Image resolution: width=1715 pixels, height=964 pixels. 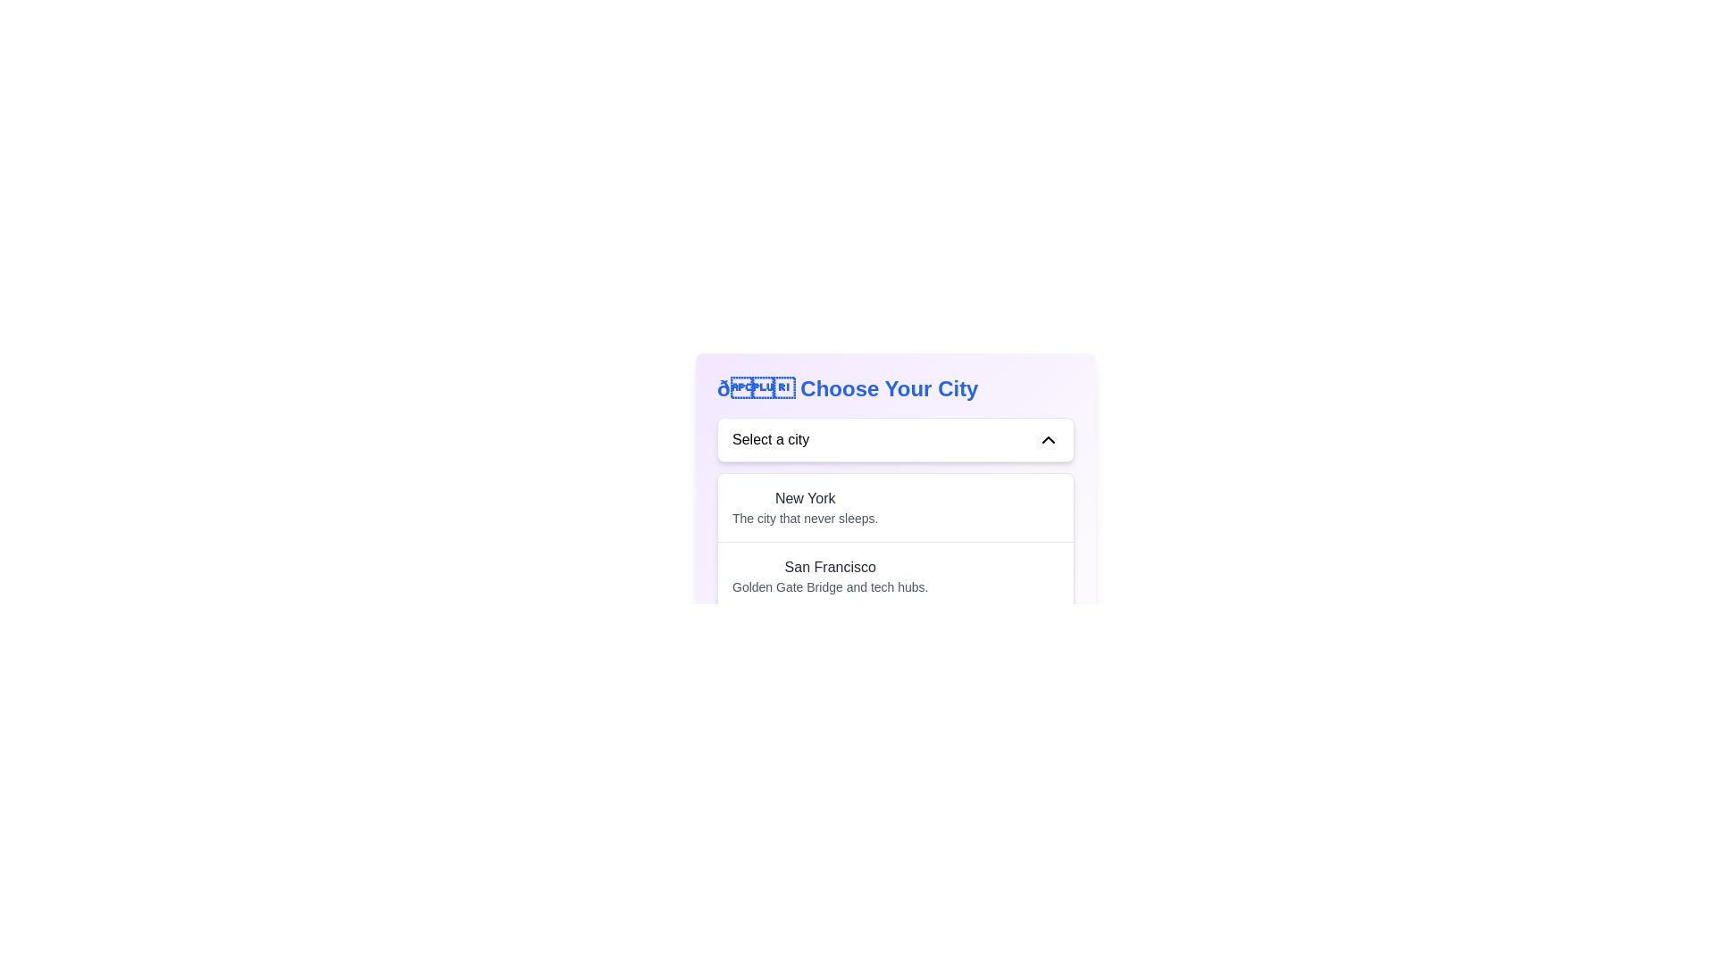 I want to click on the descriptive text label located directly beneath the 'San Francisco' heading in the dropdown menu interface, so click(x=829, y=587).